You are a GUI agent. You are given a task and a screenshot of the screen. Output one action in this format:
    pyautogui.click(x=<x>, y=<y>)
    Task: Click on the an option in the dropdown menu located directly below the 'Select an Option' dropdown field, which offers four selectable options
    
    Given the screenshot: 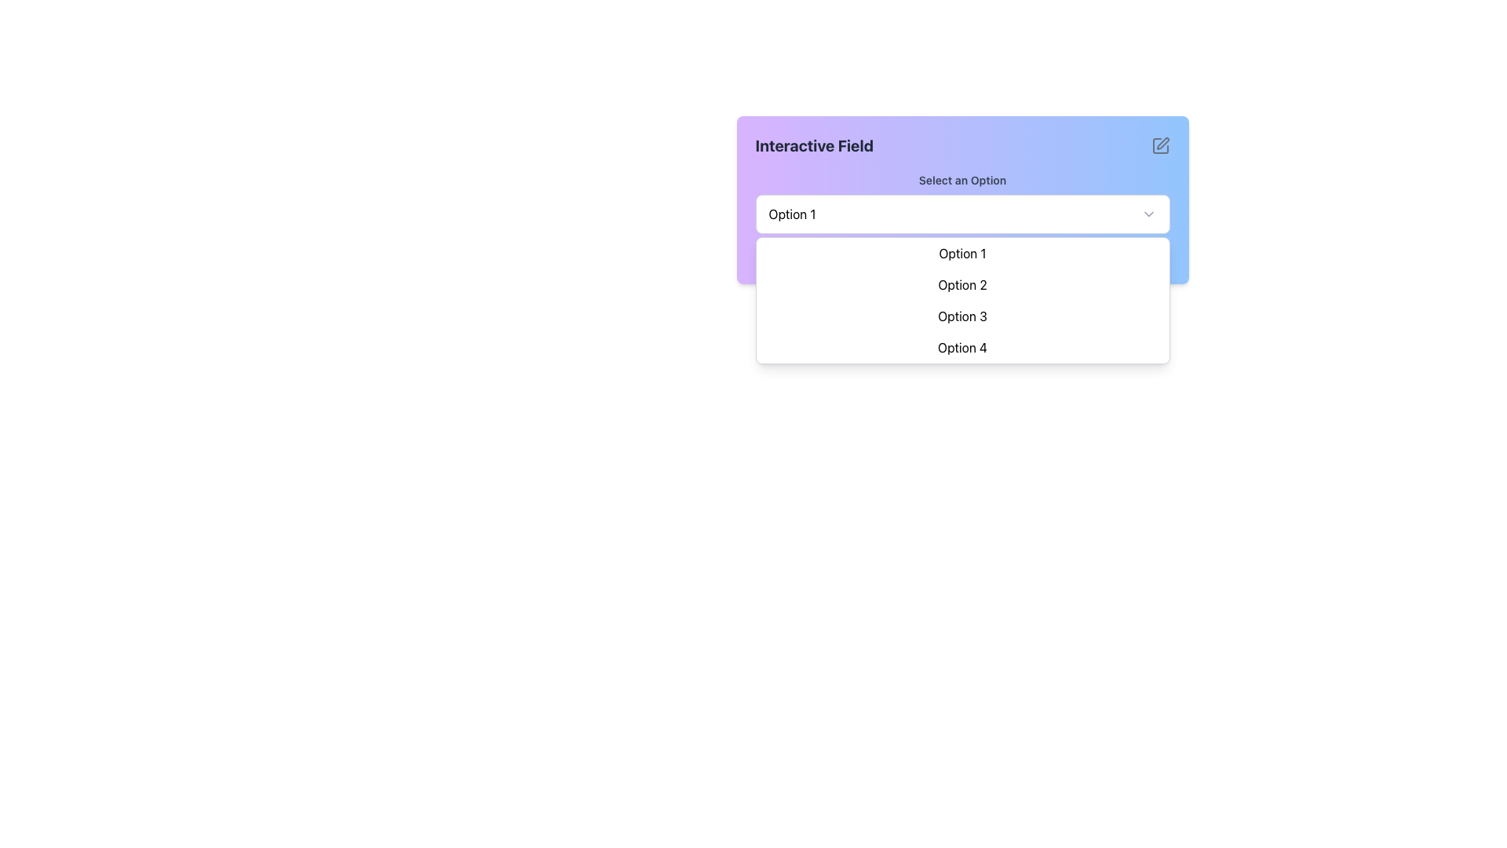 What is the action you would take?
    pyautogui.click(x=961, y=300)
    